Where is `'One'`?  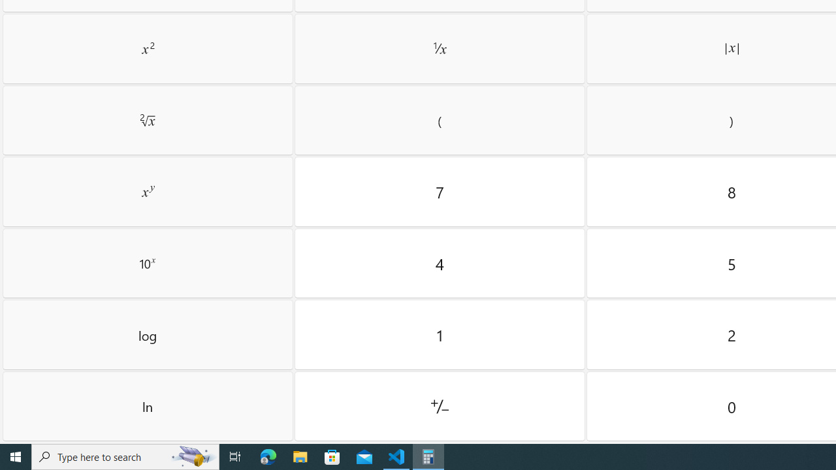
'One' is located at coordinates (440, 334).